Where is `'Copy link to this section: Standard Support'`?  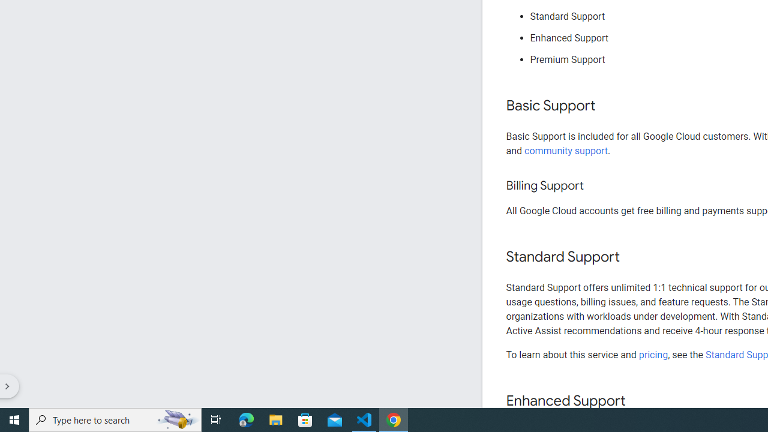
'Copy link to this section: Standard Support' is located at coordinates (631, 257).